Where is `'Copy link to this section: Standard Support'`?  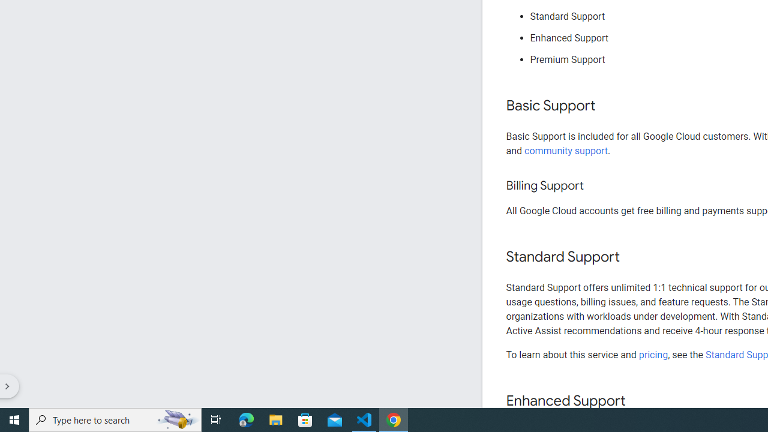
'Copy link to this section: Standard Support' is located at coordinates (631, 257).